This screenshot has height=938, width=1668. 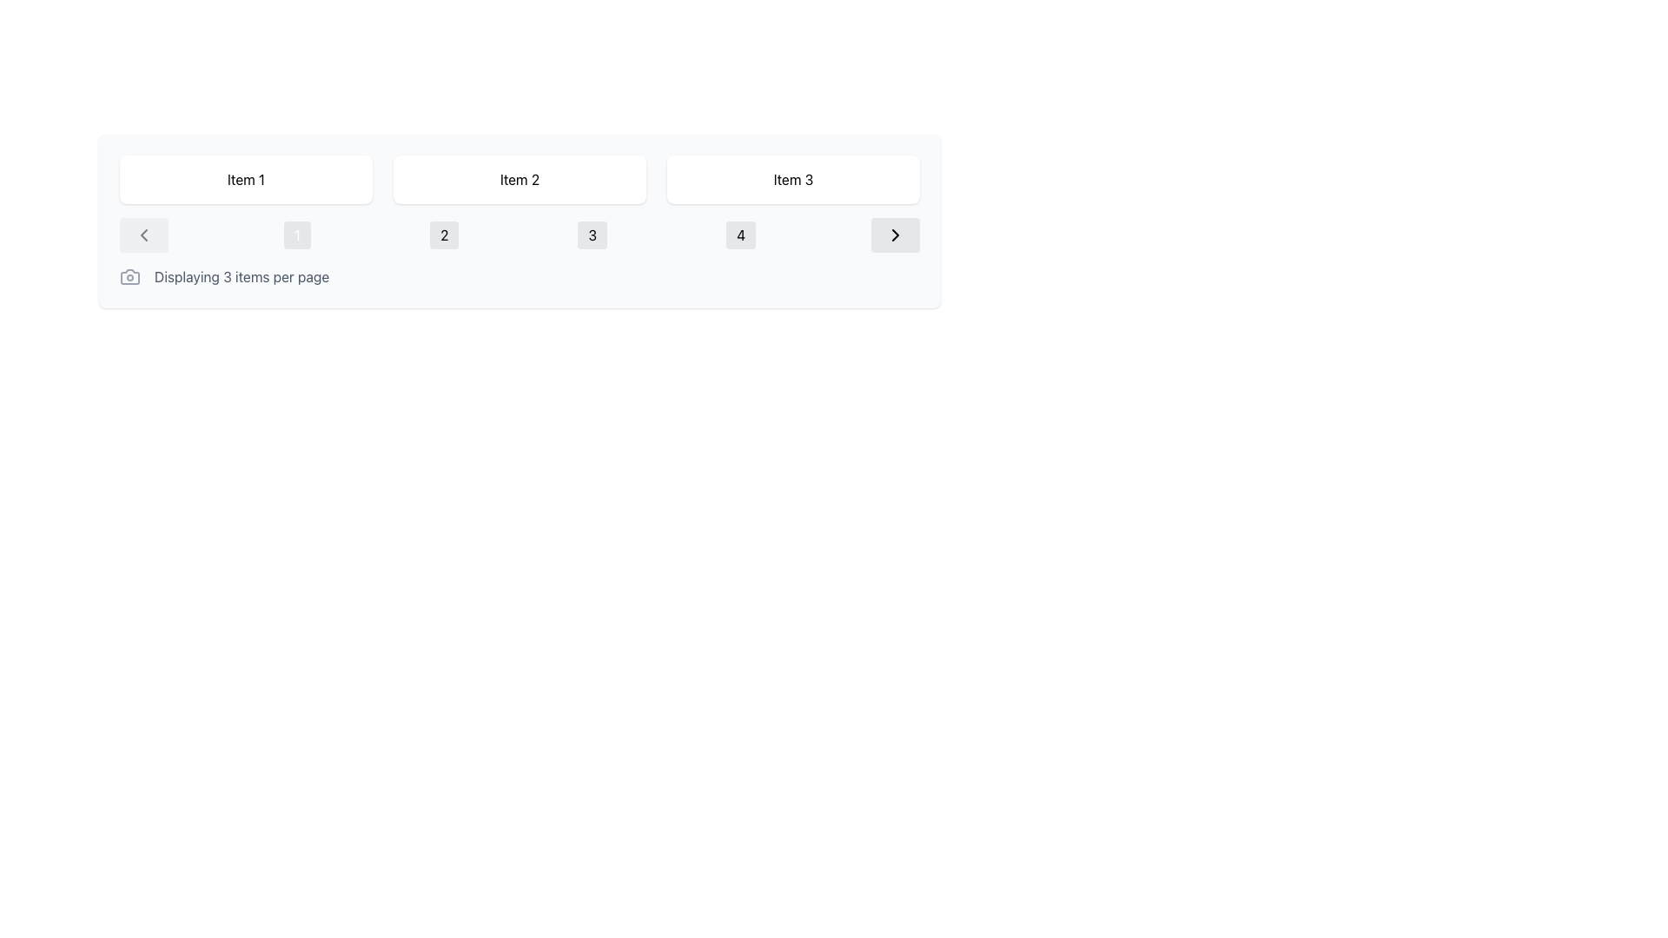 What do you see at coordinates (144, 234) in the screenshot?
I see `the left-chevron icon in the pagination navigation bar, which is currently disabled and grayed-out, located to the left of the page number indicators` at bounding box center [144, 234].